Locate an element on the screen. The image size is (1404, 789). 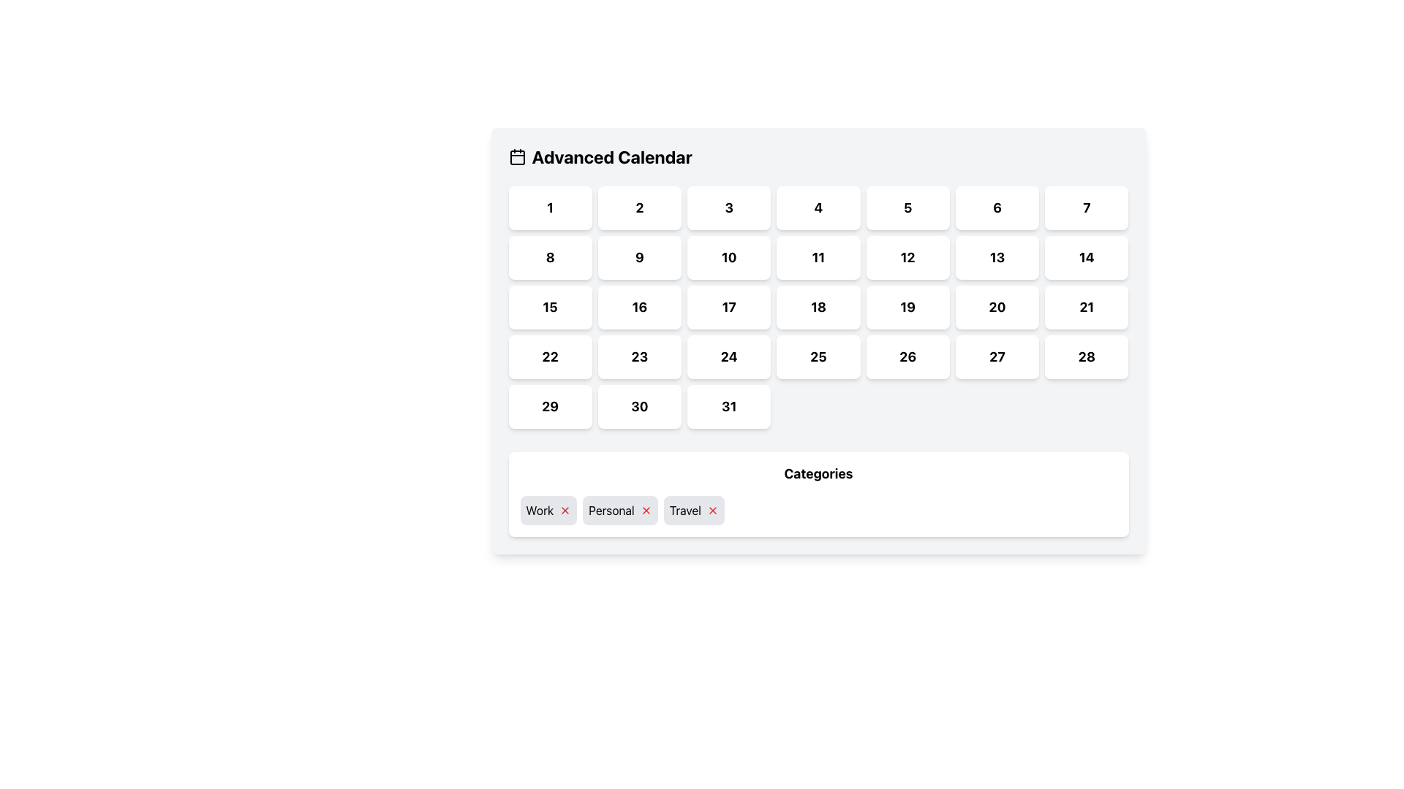
the bold text element displaying the number '18' within the calendar grid layout, which is styled with a light gray background and rounded corners is located at coordinates (818, 306).